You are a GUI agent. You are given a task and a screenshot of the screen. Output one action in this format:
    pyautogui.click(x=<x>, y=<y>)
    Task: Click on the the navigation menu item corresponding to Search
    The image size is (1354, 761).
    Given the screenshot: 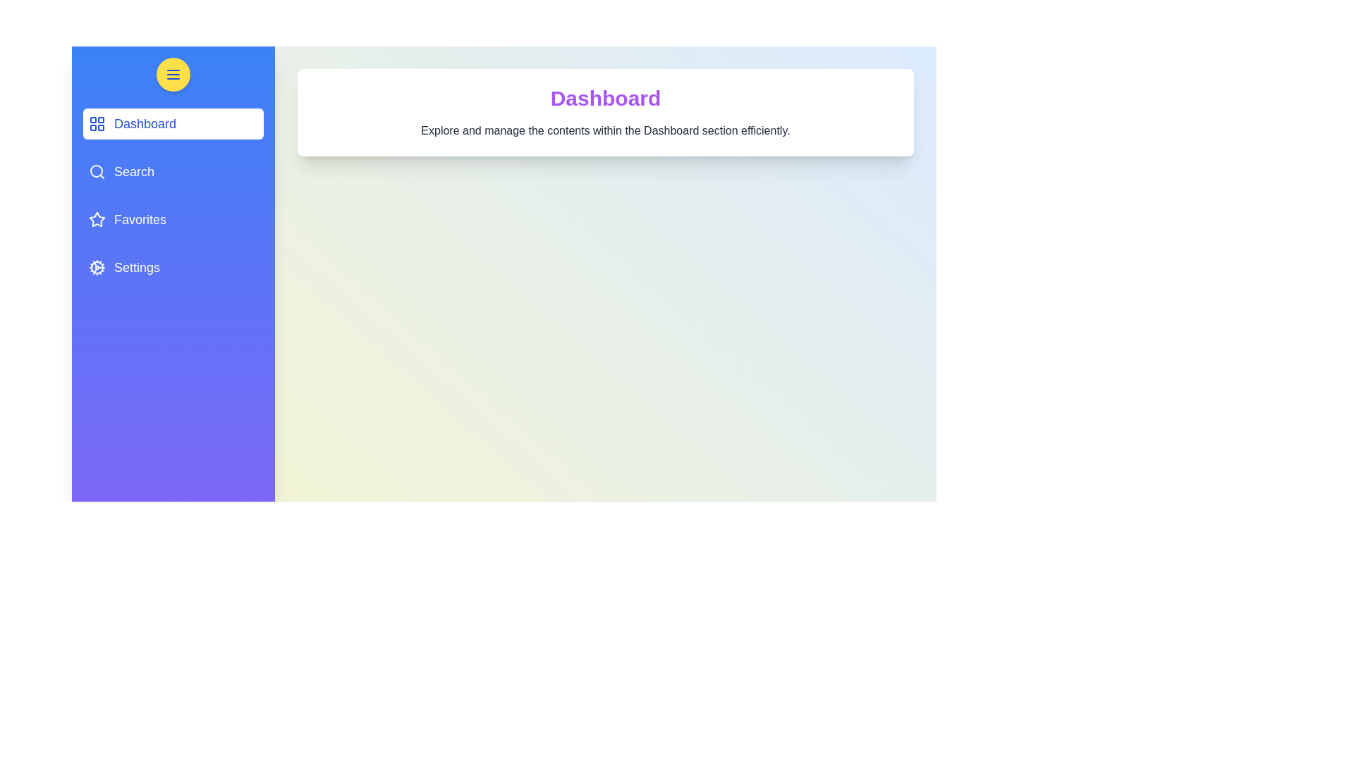 What is the action you would take?
    pyautogui.click(x=172, y=171)
    